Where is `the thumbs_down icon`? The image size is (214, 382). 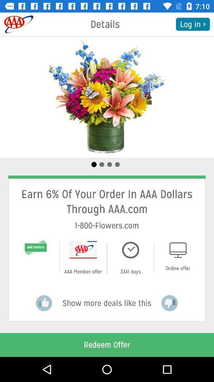 the thumbs_down icon is located at coordinates (169, 303).